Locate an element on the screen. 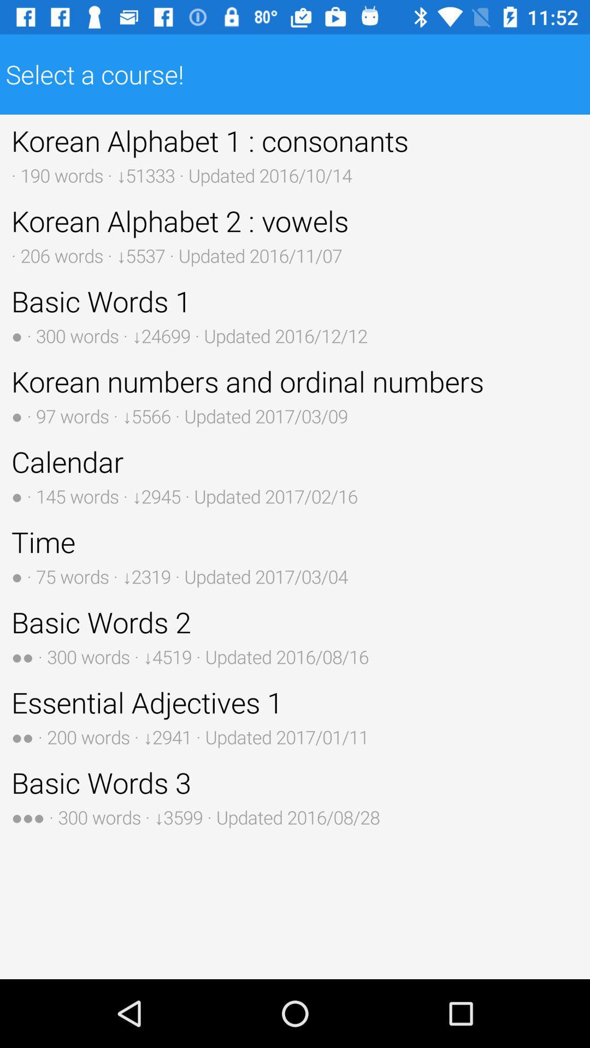 Image resolution: width=590 pixels, height=1048 pixels. the icon above the calendar 145 words button is located at coordinates (295, 395).